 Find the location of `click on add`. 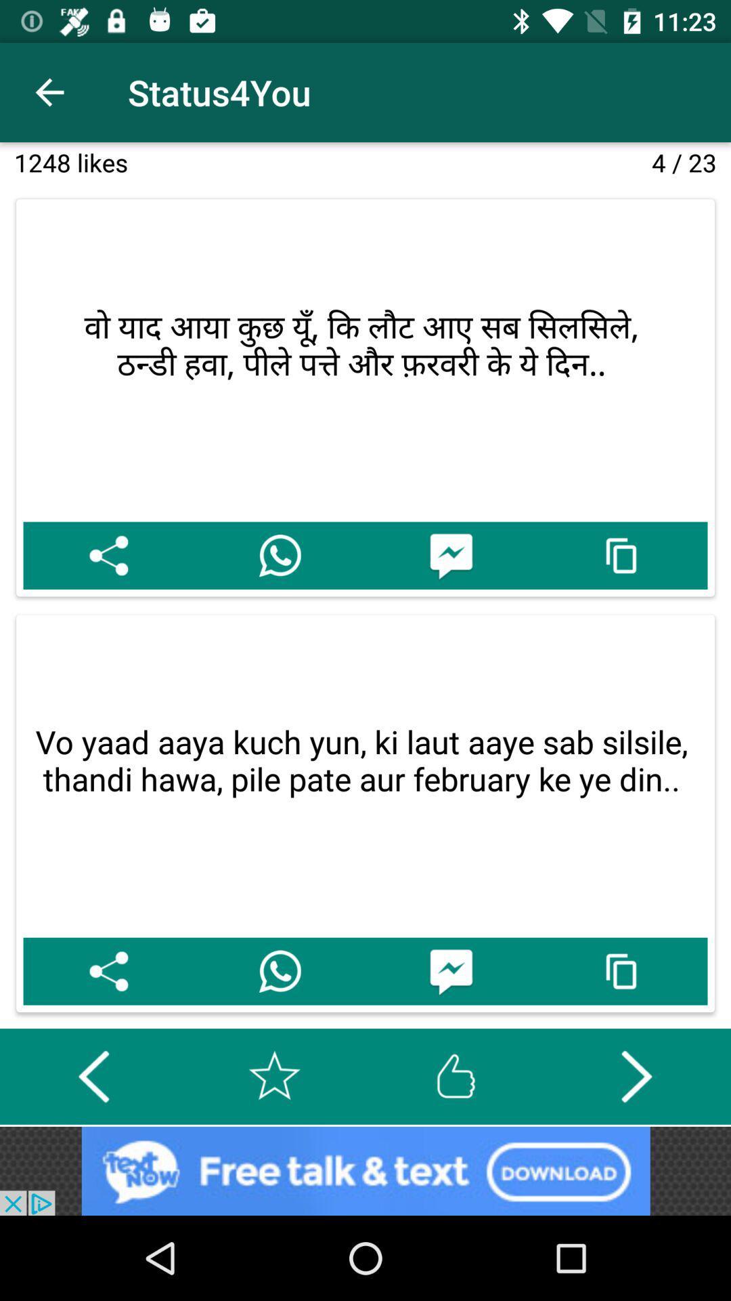

click on add is located at coordinates (365, 1170).